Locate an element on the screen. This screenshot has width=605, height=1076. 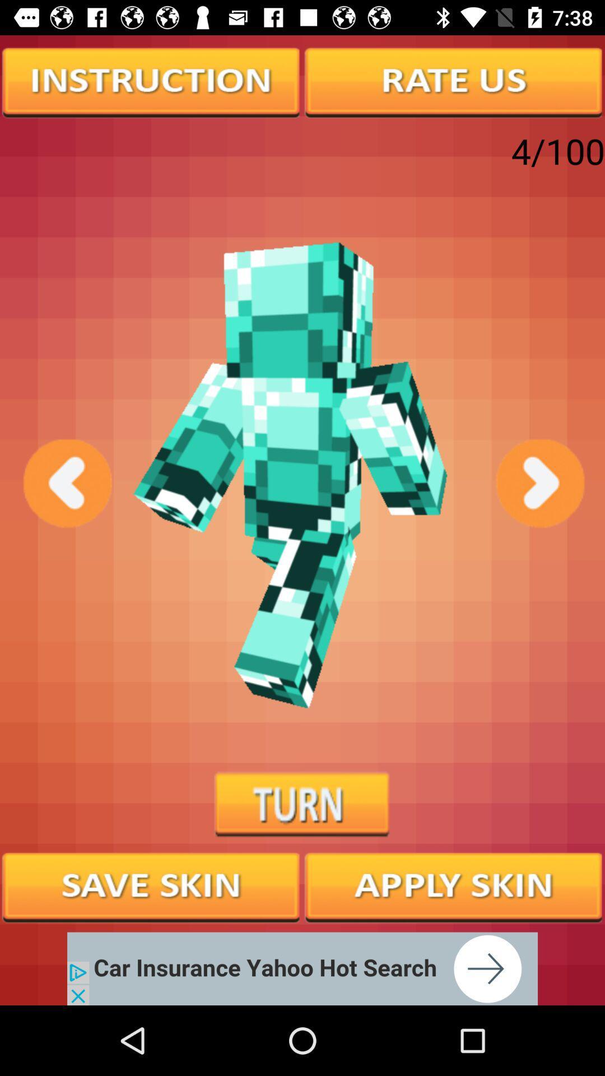
option is located at coordinates (454, 81).